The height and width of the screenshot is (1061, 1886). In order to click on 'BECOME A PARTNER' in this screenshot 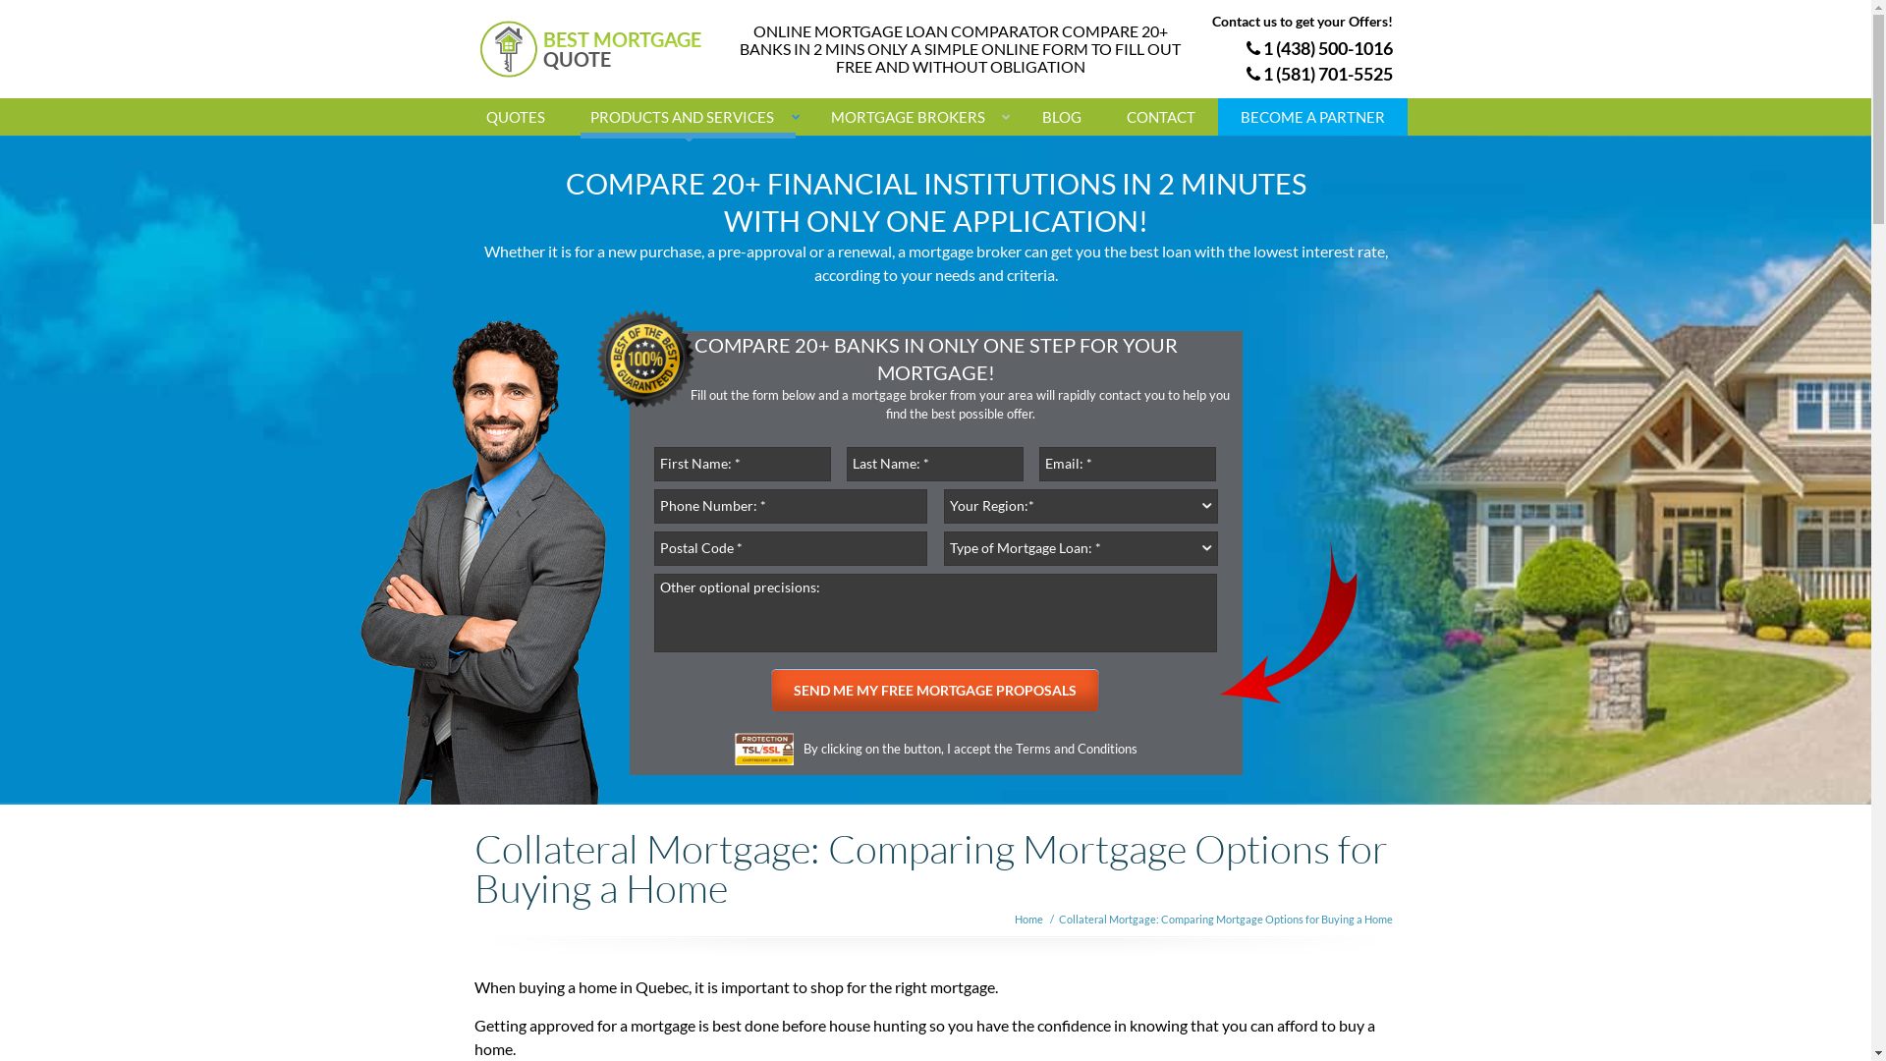, I will do `click(1312, 117)`.